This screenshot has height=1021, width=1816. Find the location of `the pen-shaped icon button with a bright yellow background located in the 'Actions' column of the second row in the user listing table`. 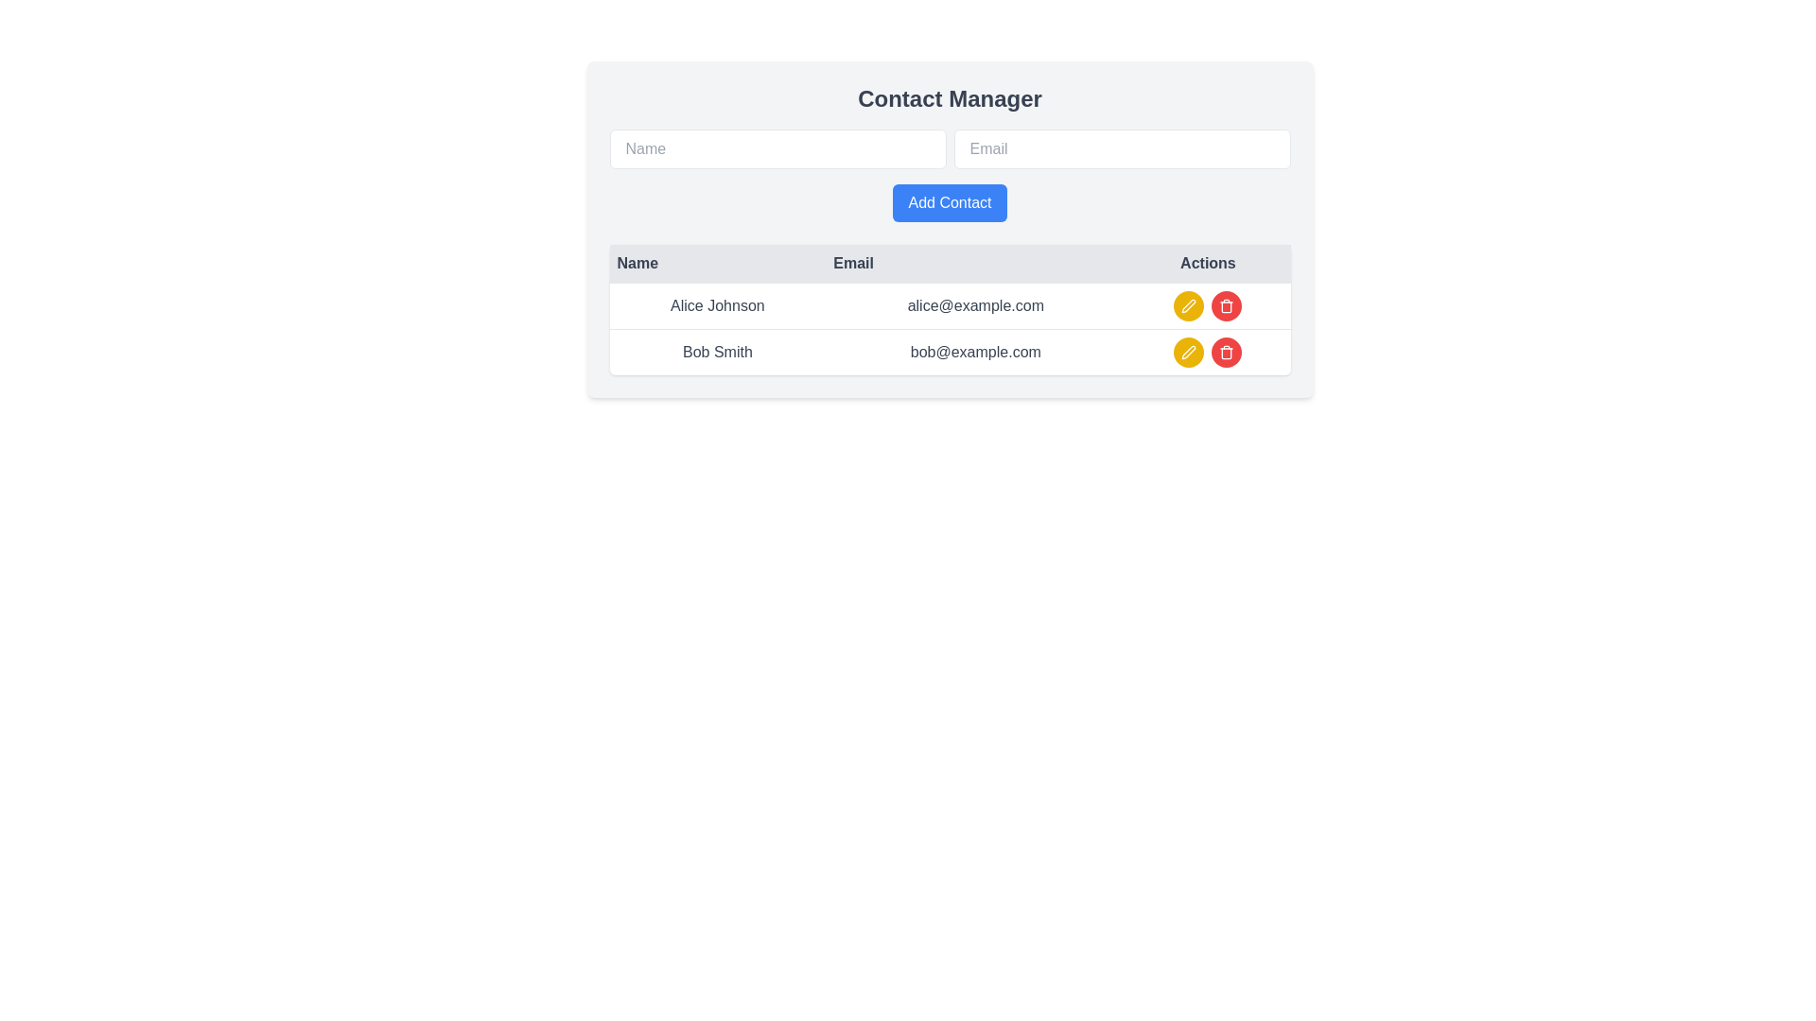

the pen-shaped icon button with a bright yellow background located in the 'Actions' column of the second row in the user listing table is located at coordinates (1188, 305).